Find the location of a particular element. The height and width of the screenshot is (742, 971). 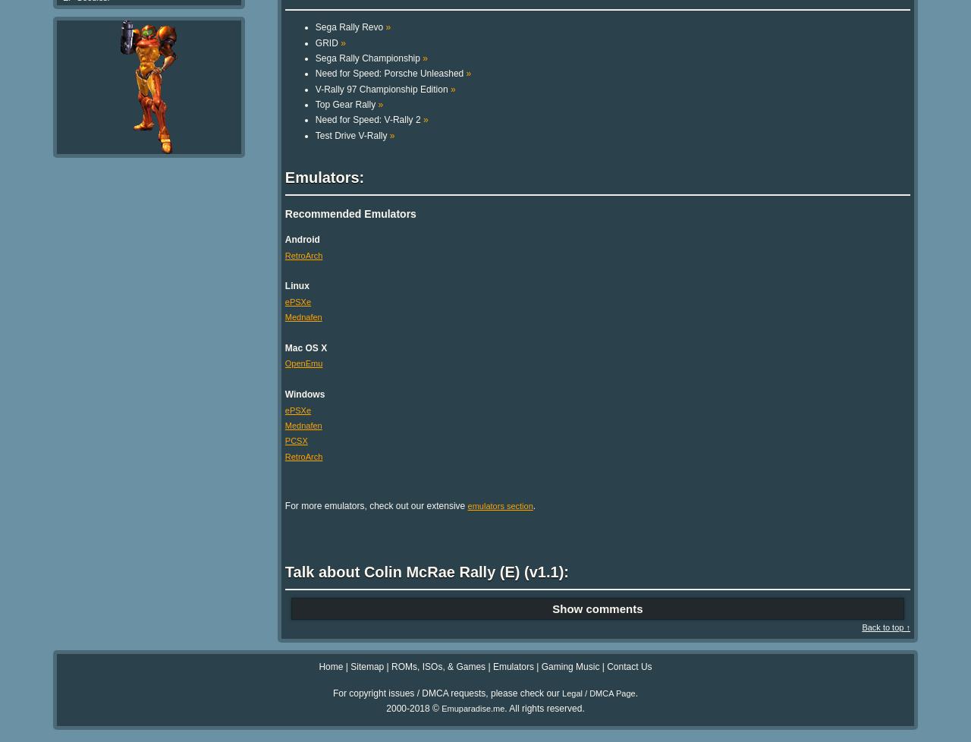

'ROMs, ISOs, & Games' is located at coordinates (391, 666).